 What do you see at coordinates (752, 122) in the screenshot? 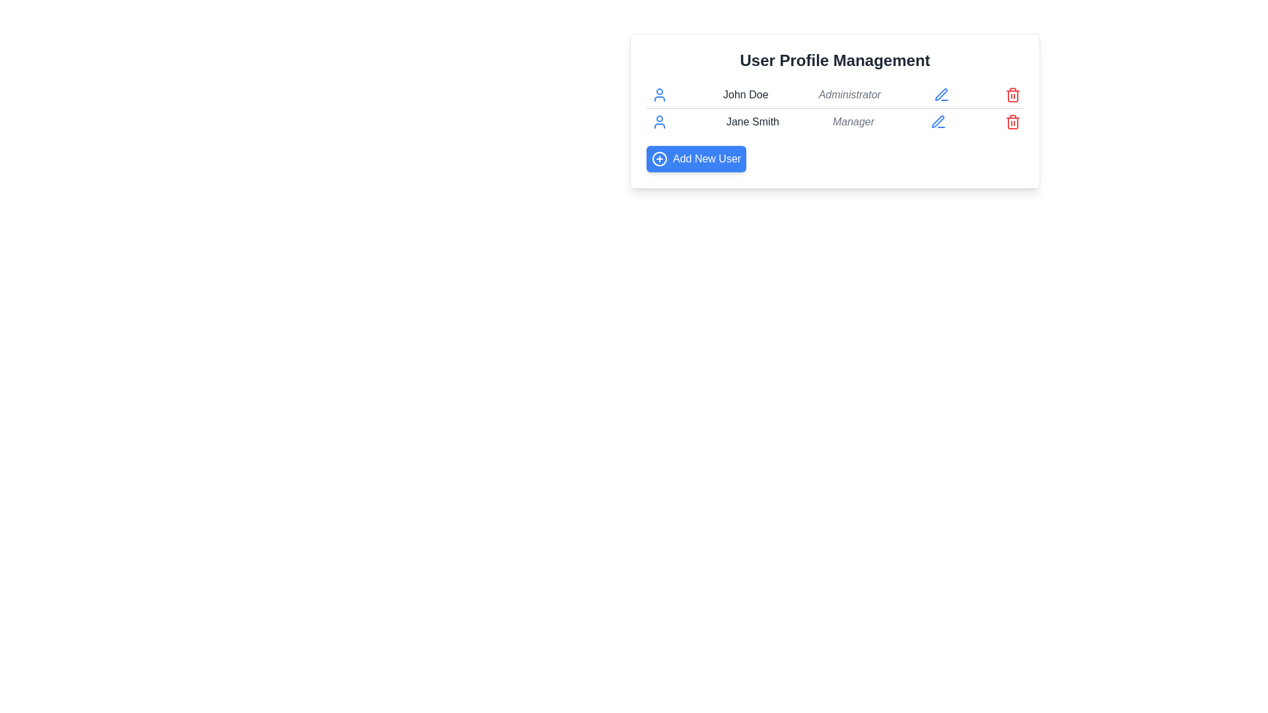
I see `the static text label displaying the user name 'Jane Smith' in the user profile management section, located in the second row of the user profile list` at bounding box center [752, 122].